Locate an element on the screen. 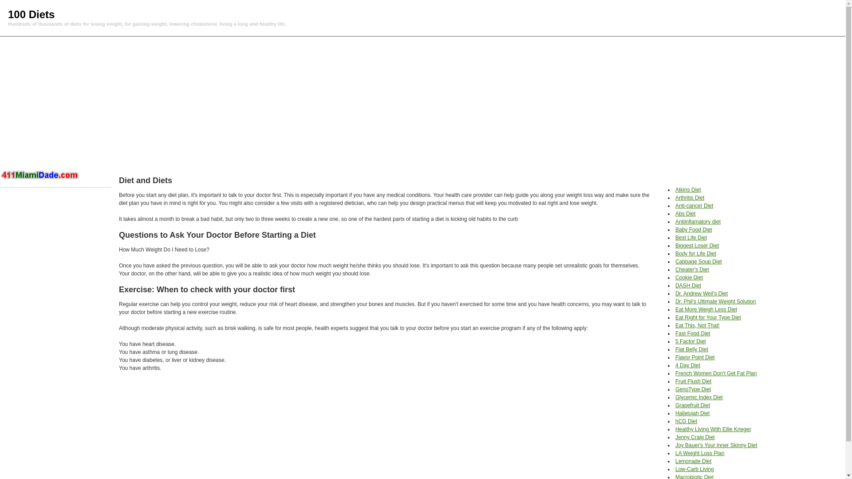 This screenshot has width=852, height=479. 'Dr. Phil's Ultimate Weight Solution' is located at coordinates (715, 301).